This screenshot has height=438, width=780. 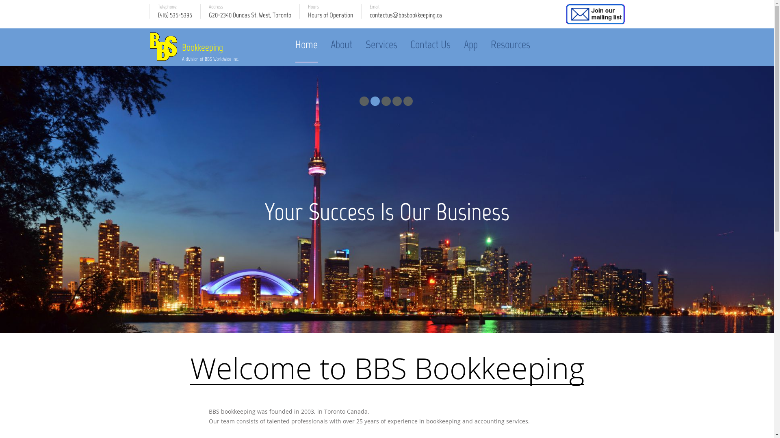 I want to click on 'contactus@bbsbookkeeping.ca', so click(x=405, y=18).